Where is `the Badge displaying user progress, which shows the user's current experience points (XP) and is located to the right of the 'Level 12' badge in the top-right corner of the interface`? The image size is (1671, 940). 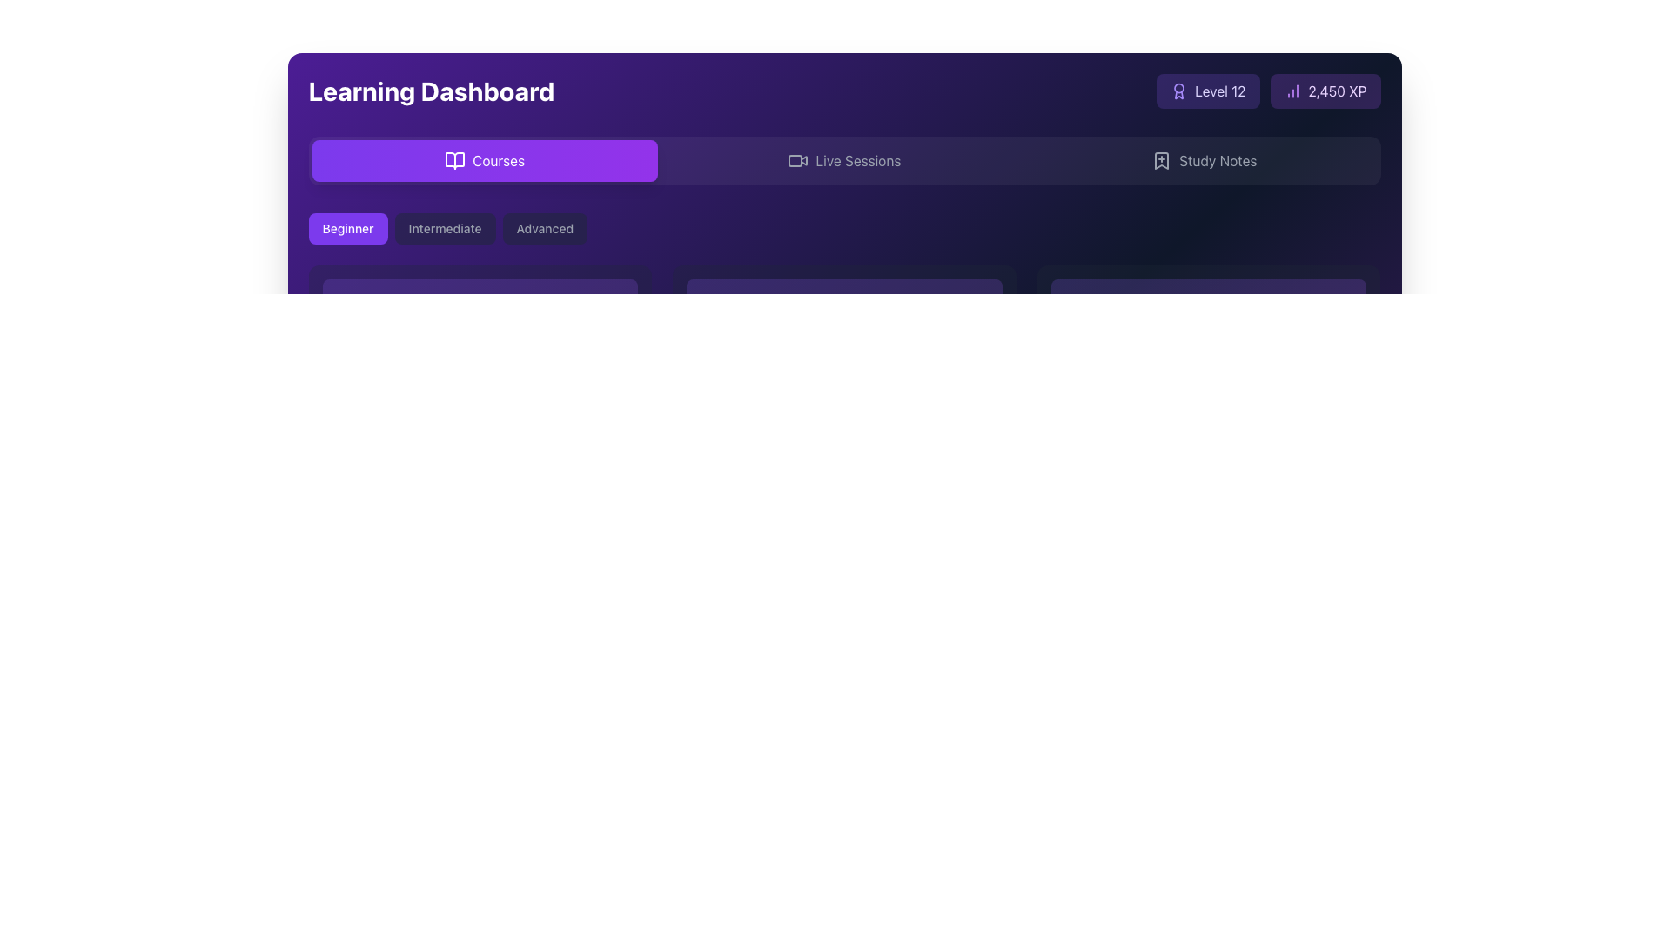 the Badge displaying user progress, which shows the user's current experience points (XP) and is located to the right of the 'Level 12' badge in the top-right corner of the interface is located at coordinates (1324, 91).